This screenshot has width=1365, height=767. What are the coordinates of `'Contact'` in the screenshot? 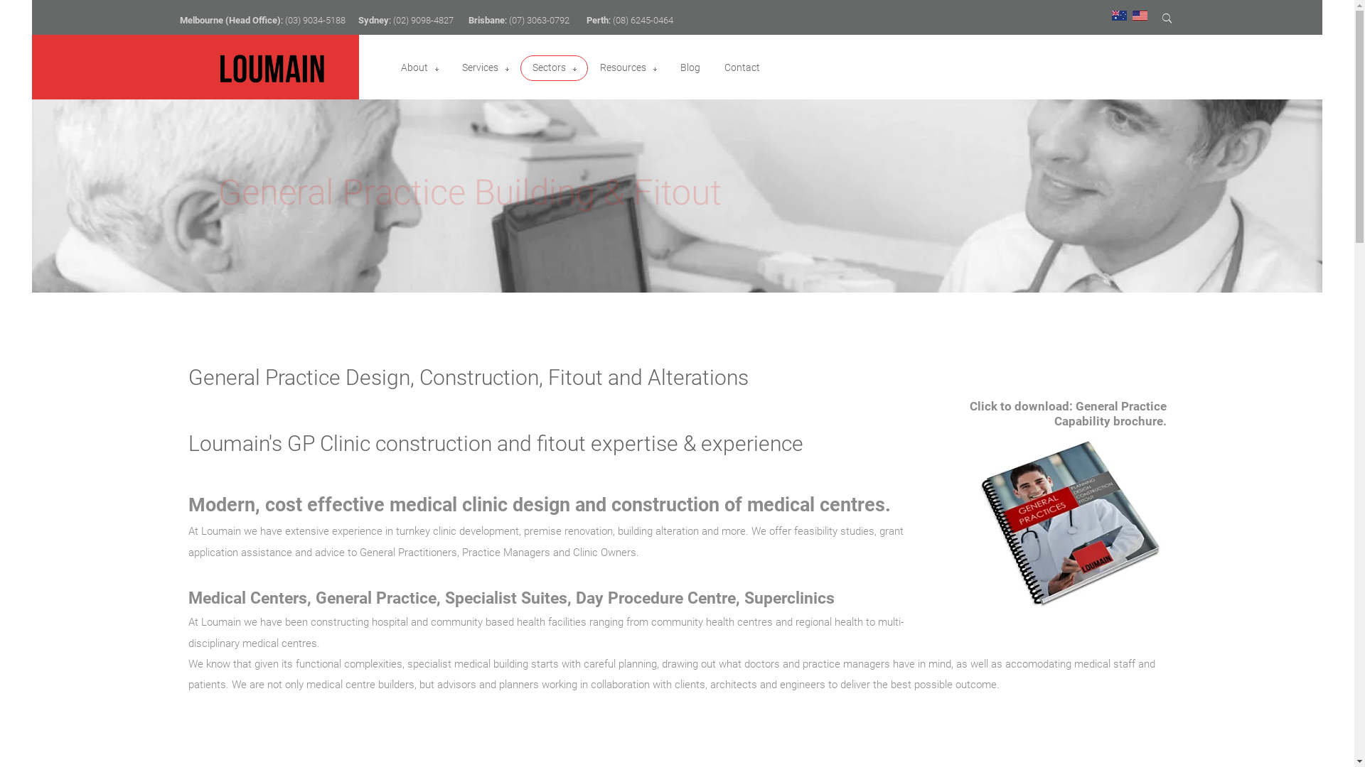 It's located at (720, 67).